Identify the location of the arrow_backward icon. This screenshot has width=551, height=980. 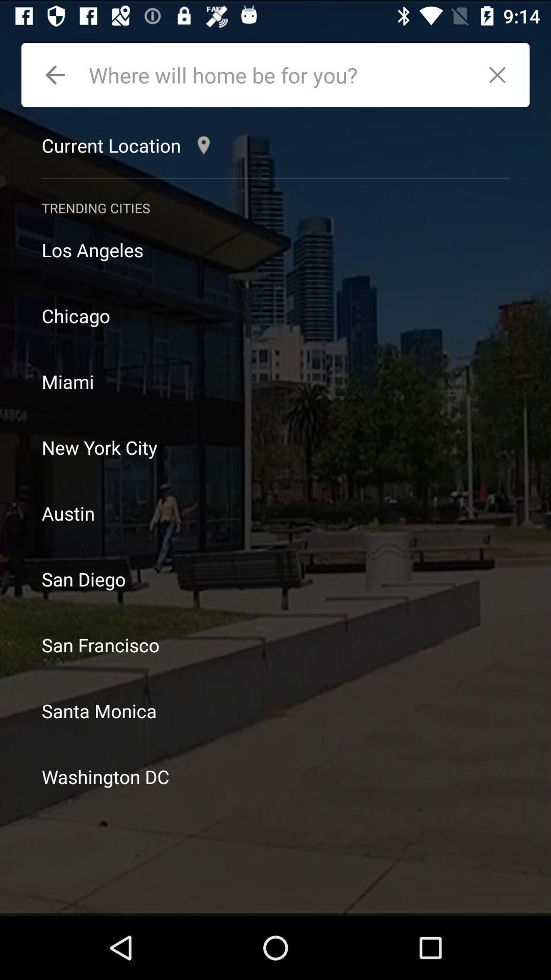
(55, 75).